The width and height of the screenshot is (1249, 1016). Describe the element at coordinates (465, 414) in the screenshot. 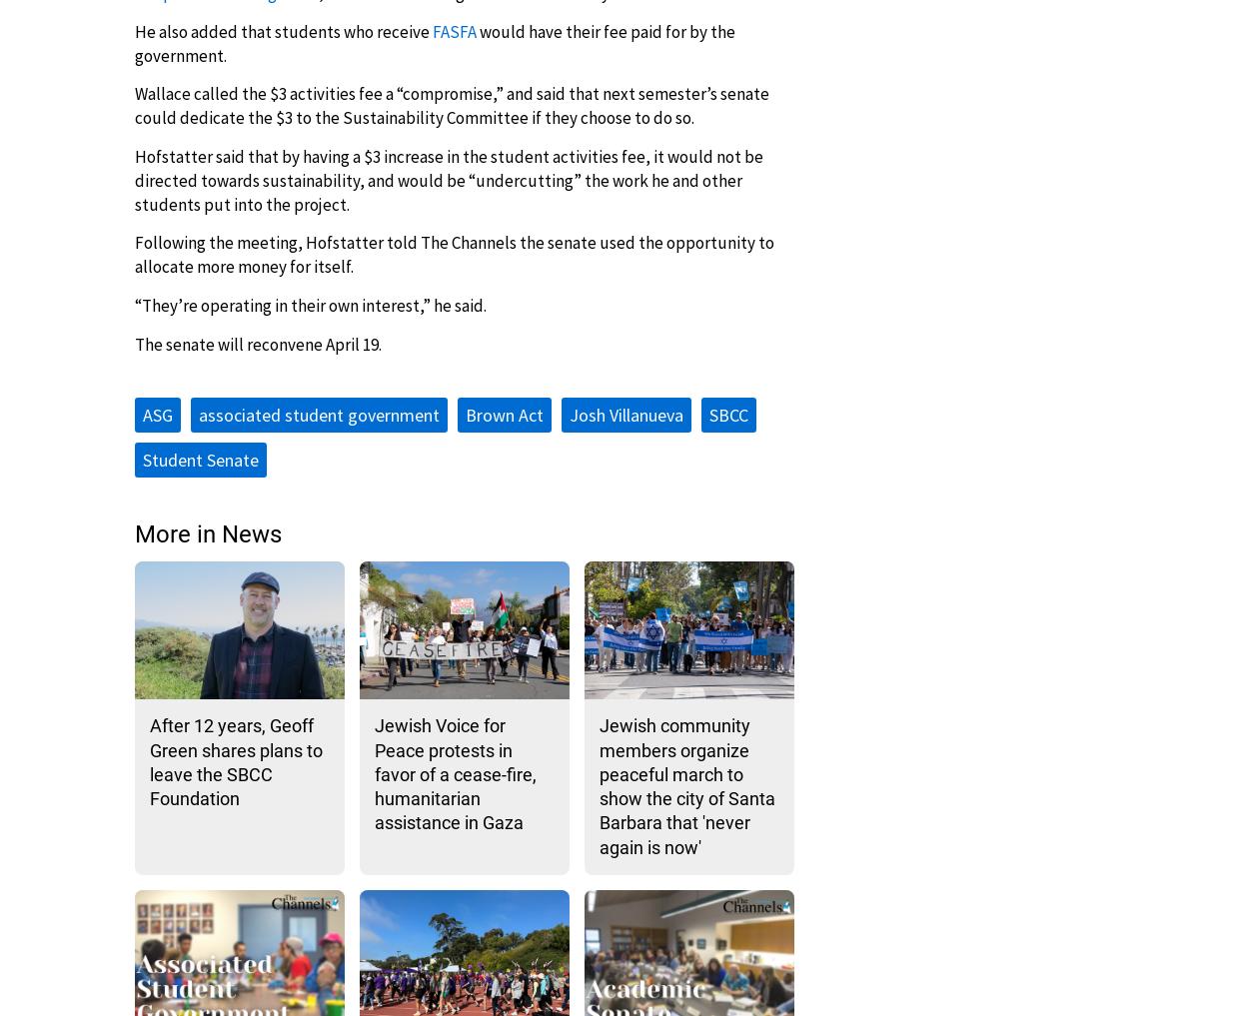

I see `'Brown Act'` at that location.